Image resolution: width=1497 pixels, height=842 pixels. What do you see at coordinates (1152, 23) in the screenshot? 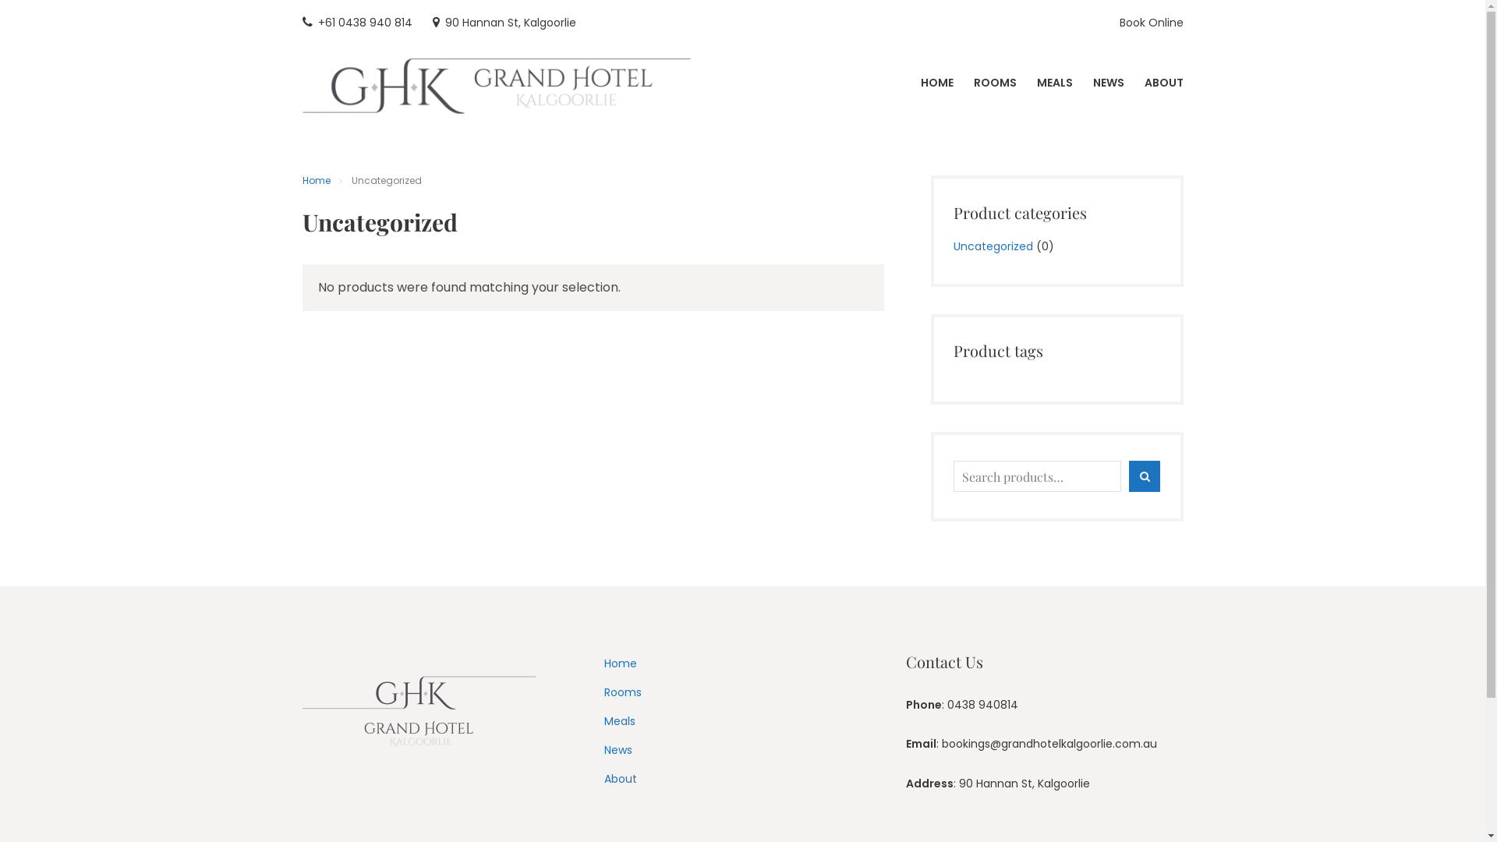
I see `'Book Online'` at bounding box center [1152, 23].